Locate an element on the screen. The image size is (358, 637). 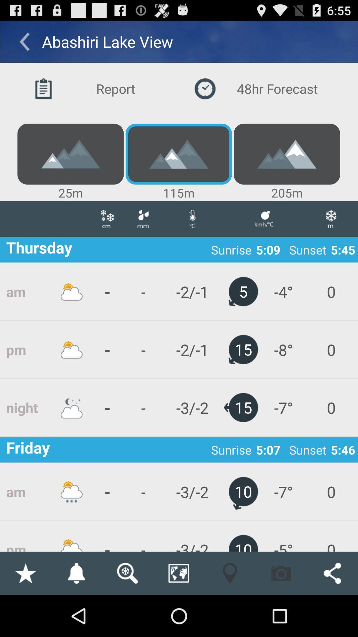
the share icon is located at coordinates (332, 613).